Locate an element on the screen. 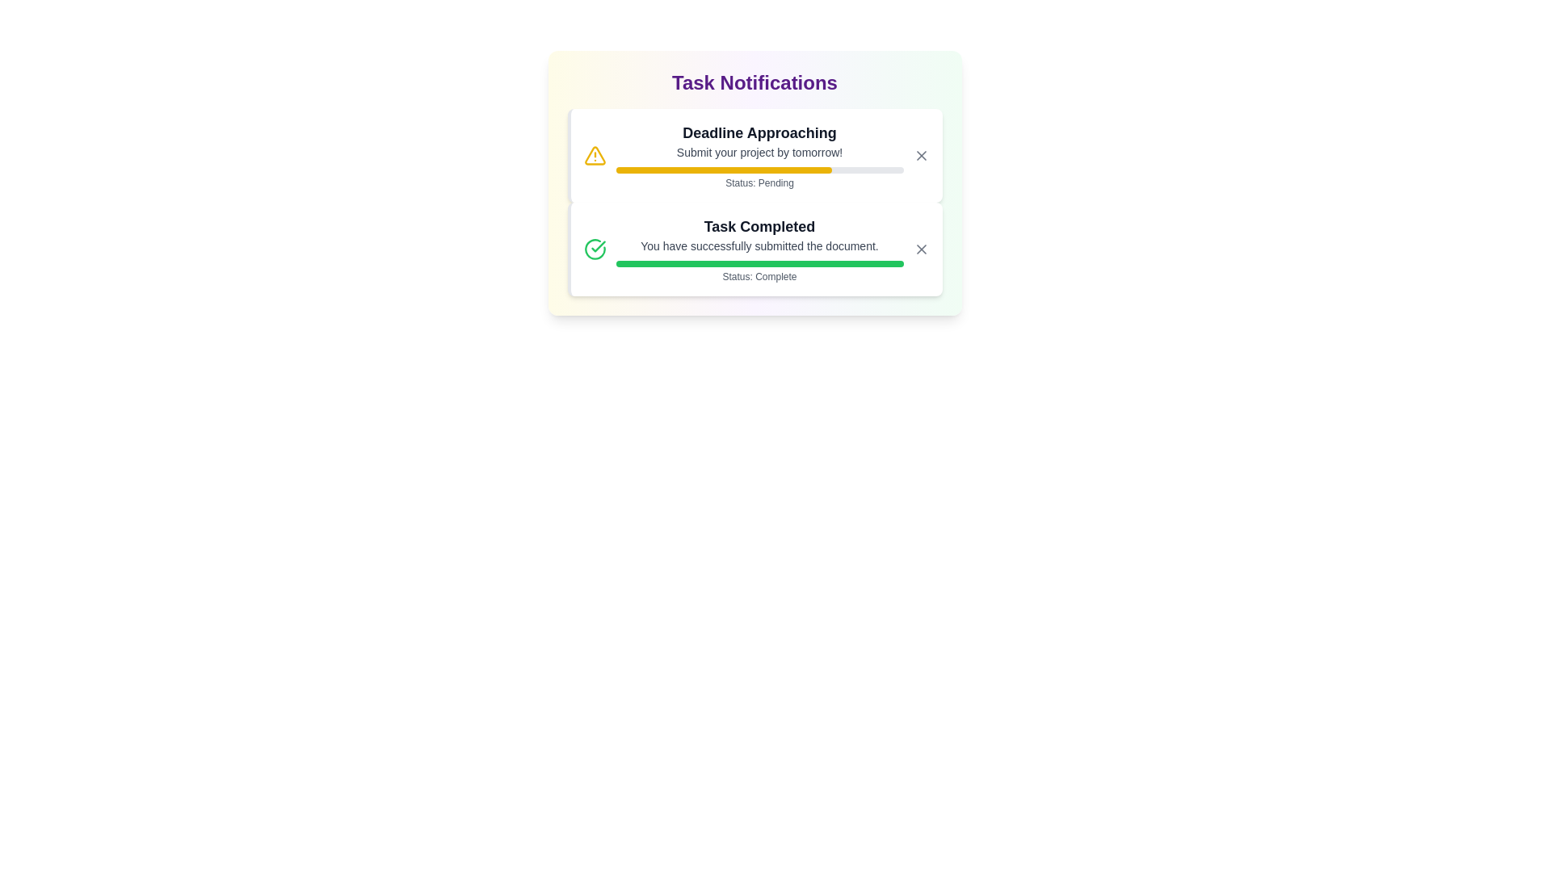 Image resolution: width=1551 pixels, height=872 pixels. the text 'Deadline Approaching' to select it for copying is located at coordinates (759, 132).